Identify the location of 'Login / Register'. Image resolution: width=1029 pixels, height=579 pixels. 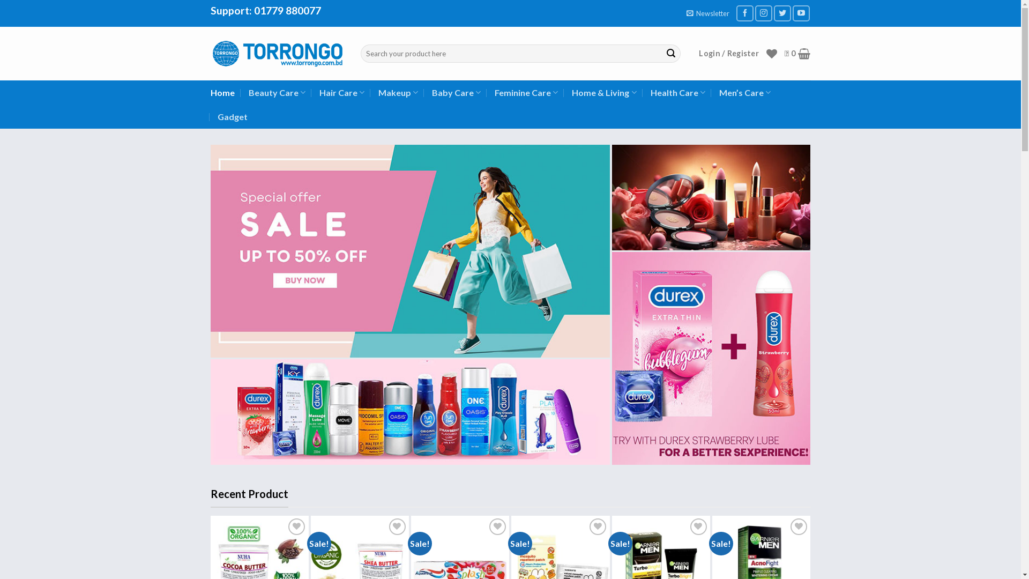
(728, 54).